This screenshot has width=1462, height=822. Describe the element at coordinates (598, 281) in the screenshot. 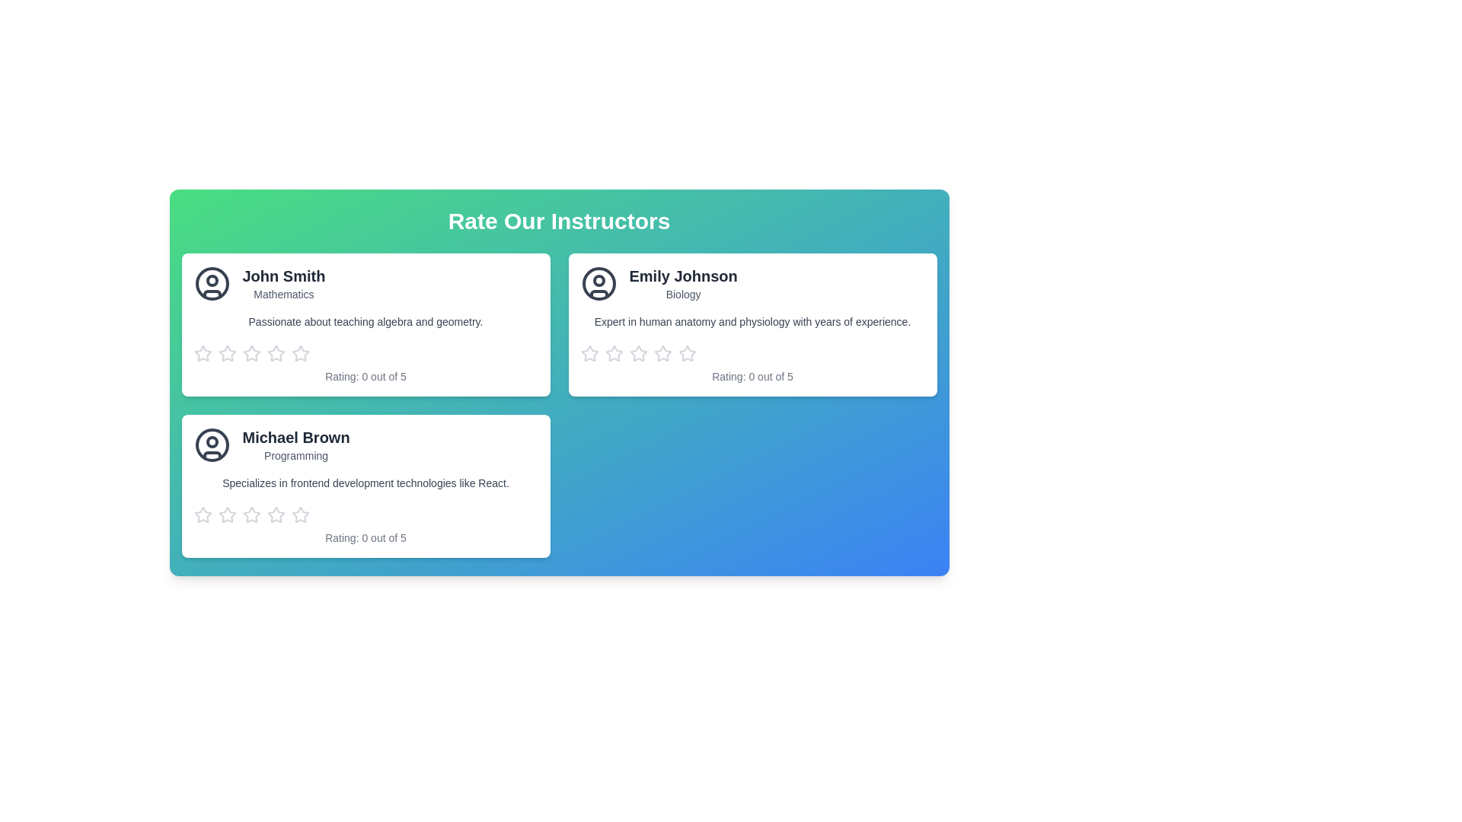

I see `the decorative circle within the avatar icon located to the left of 'Emily Johnson's name` at that location.